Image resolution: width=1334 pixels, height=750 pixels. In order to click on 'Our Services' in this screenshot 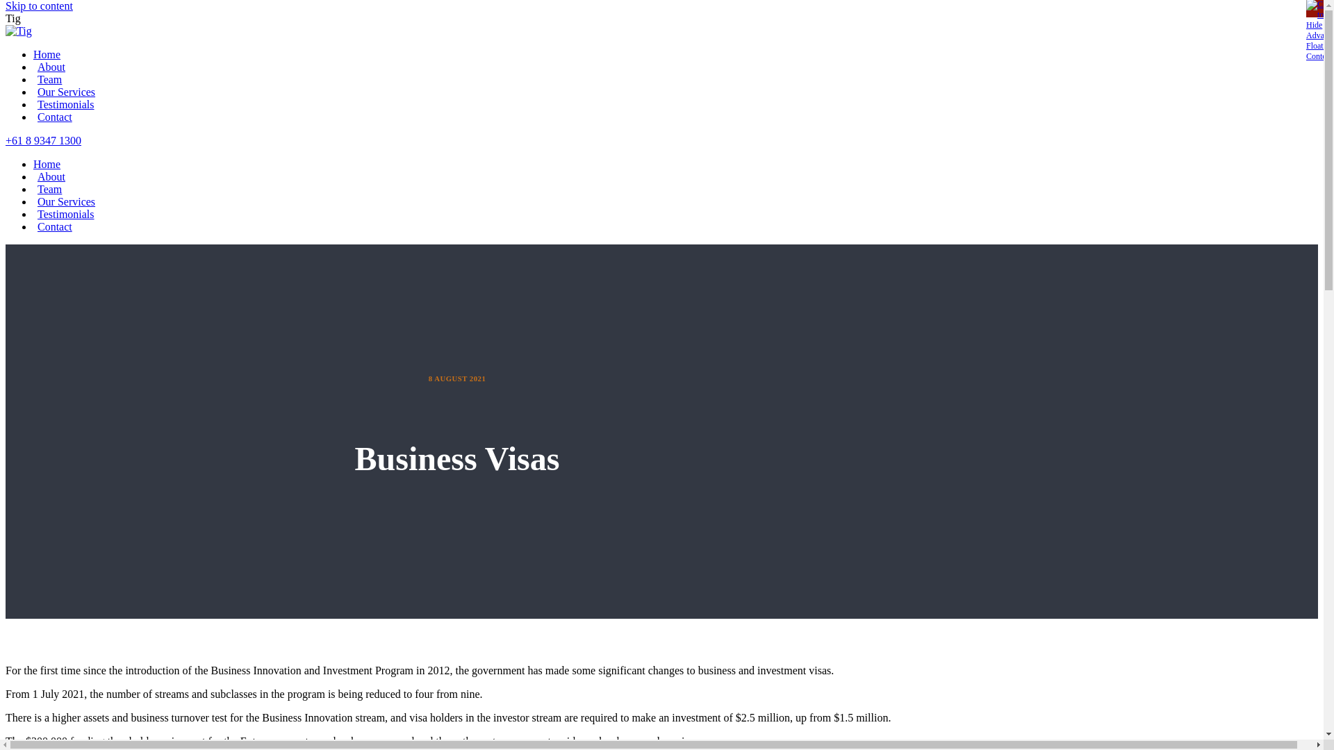, I will do `click(63, 92)`.